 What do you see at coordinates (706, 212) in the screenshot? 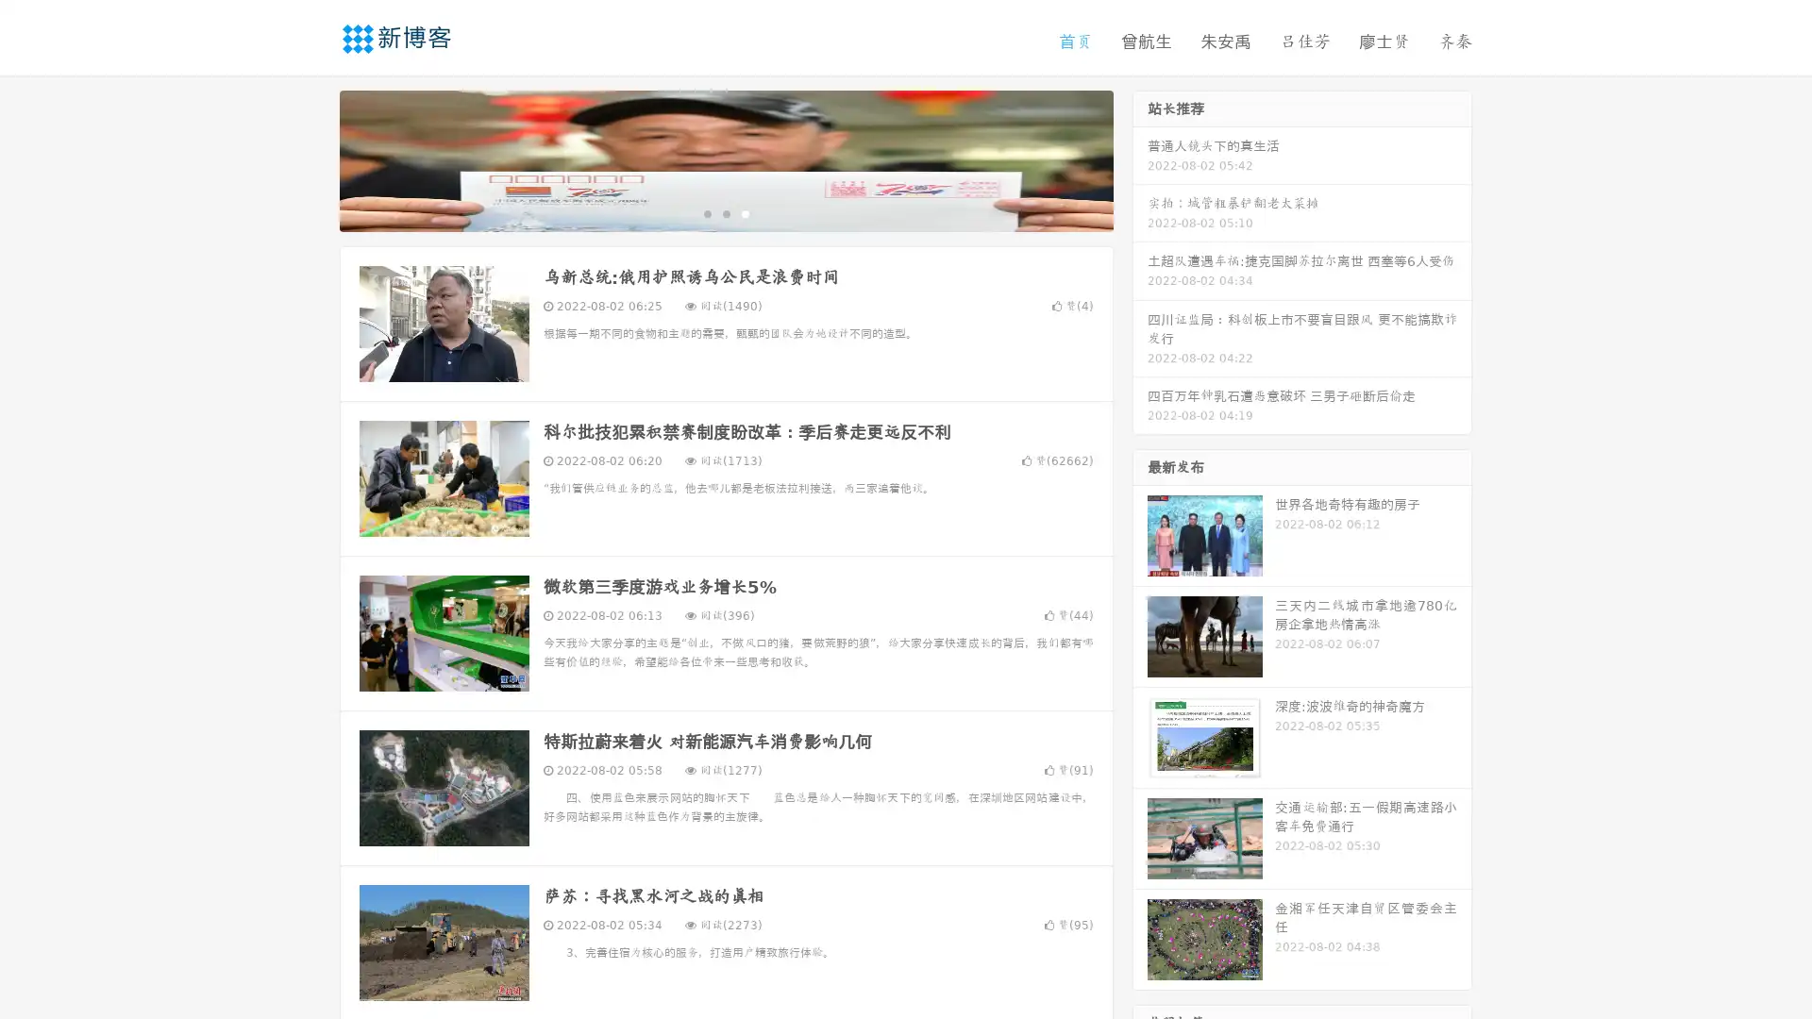
I see `Go to slide 1` at bounding box center [706, 212].